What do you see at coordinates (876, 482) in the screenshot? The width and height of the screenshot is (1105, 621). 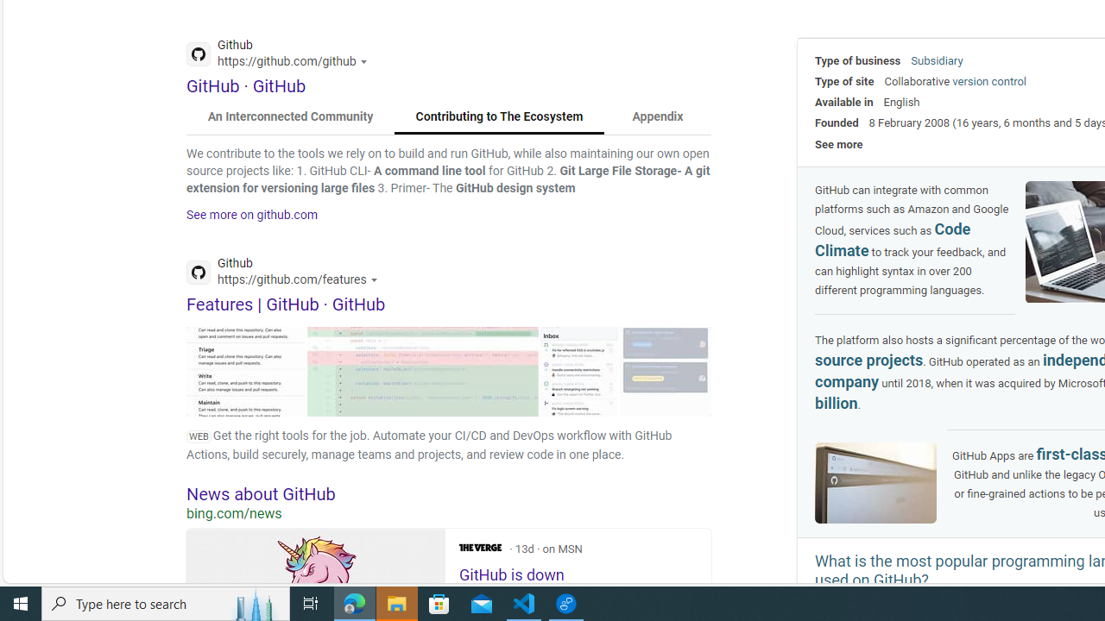 I see `'Image of GitHub'` at bounding box center [876, 482].